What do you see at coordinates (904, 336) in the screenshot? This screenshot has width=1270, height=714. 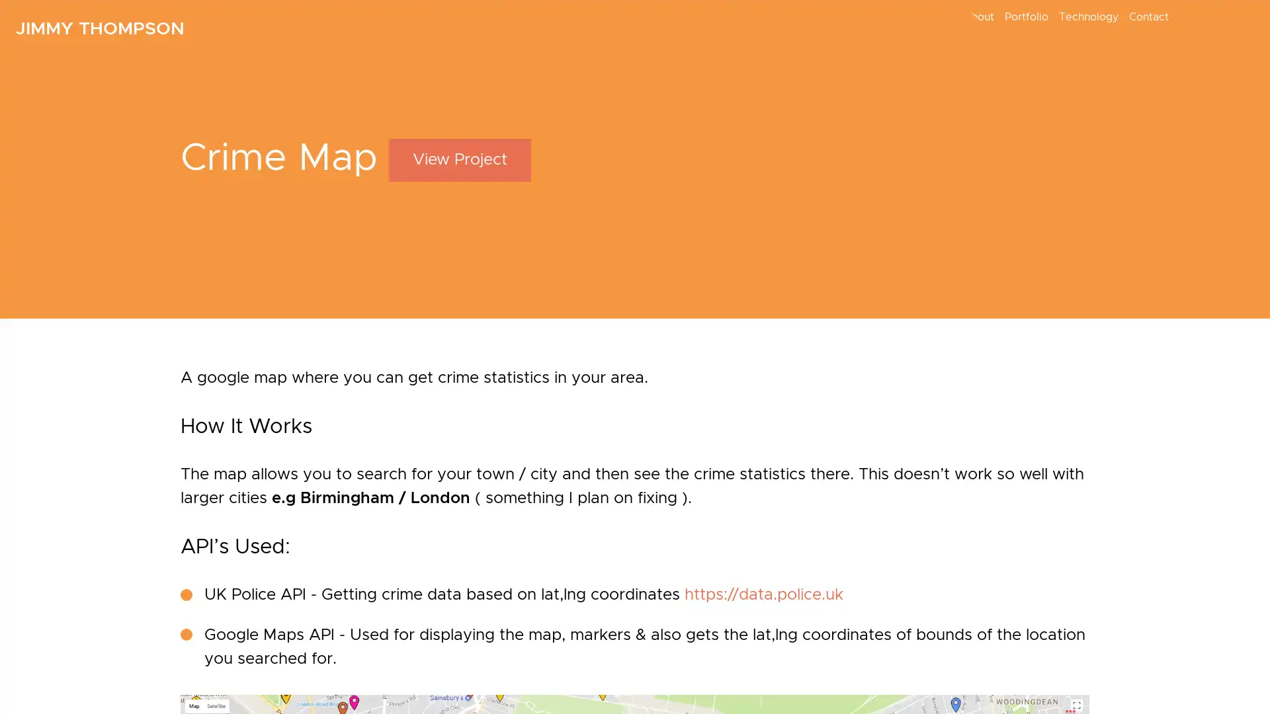 I see `Close` at bounding box center [904, 336].